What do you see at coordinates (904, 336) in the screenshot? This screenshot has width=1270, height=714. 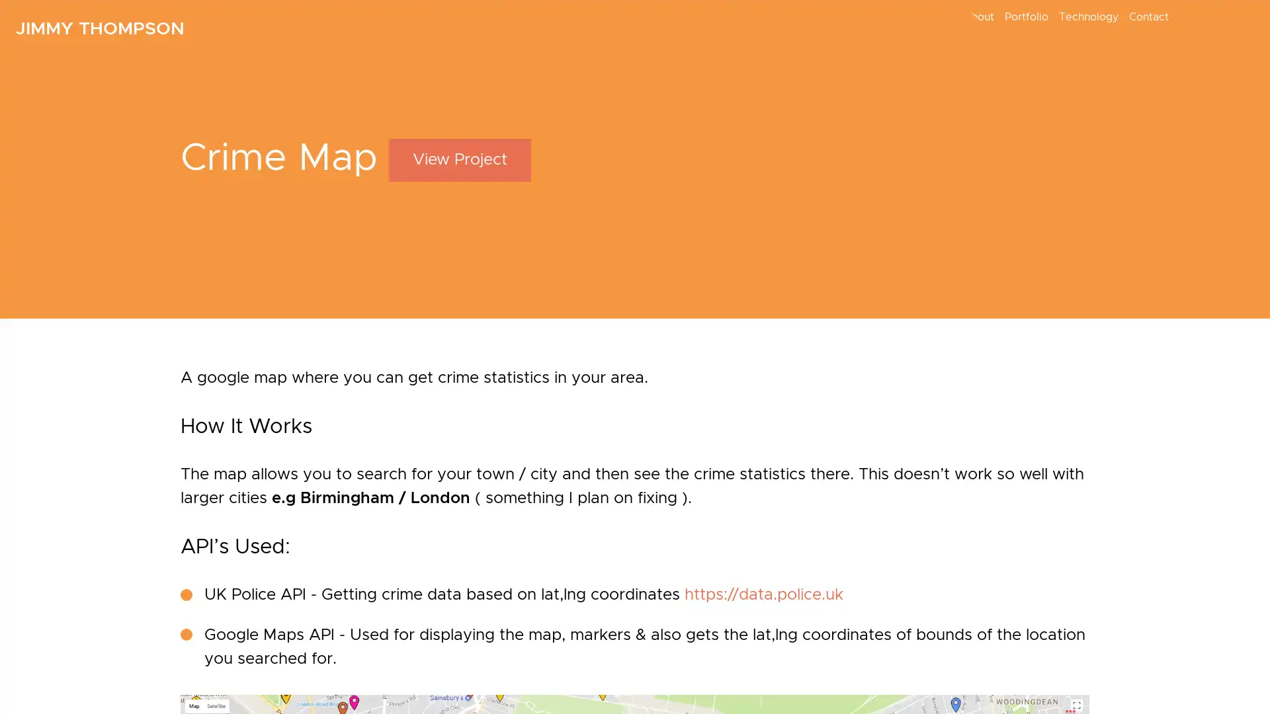 I see `Close` at bounding box center [904, 336].